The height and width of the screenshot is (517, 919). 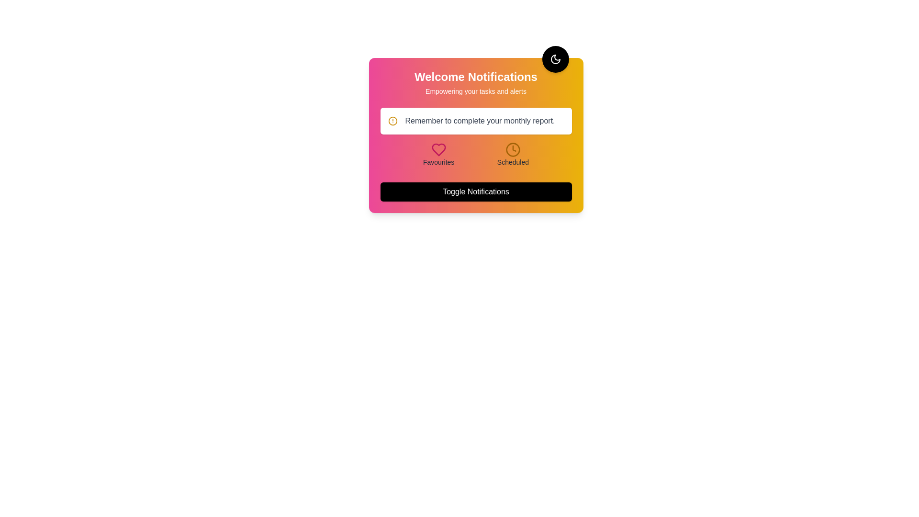 I want to click on the 'Scheduled' informational button located under the 'Welcome Notifications' section, which is positioned to the right of 'Favourites', so click(x=512, y=154).